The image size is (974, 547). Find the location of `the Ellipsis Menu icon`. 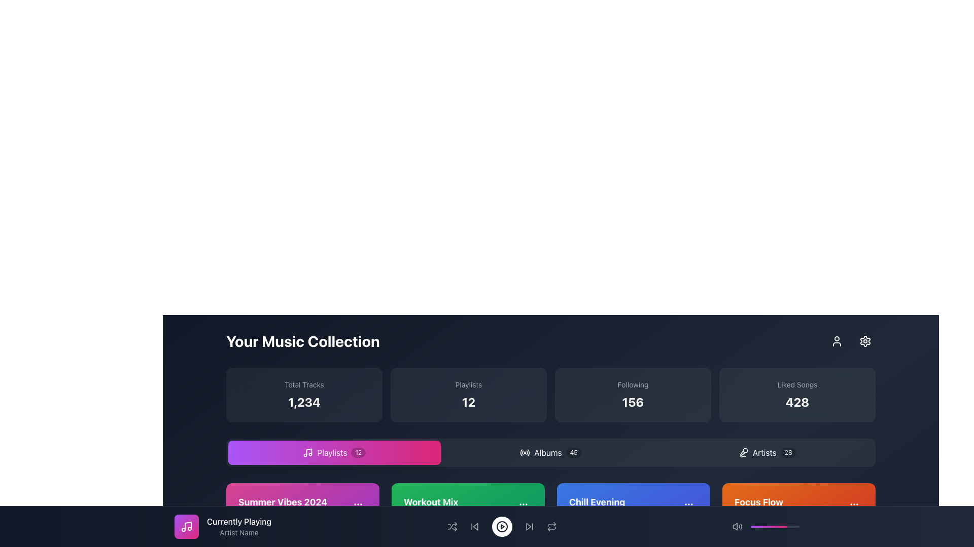

the Ellipsis Menu icon is located at coordinates (689, 504).